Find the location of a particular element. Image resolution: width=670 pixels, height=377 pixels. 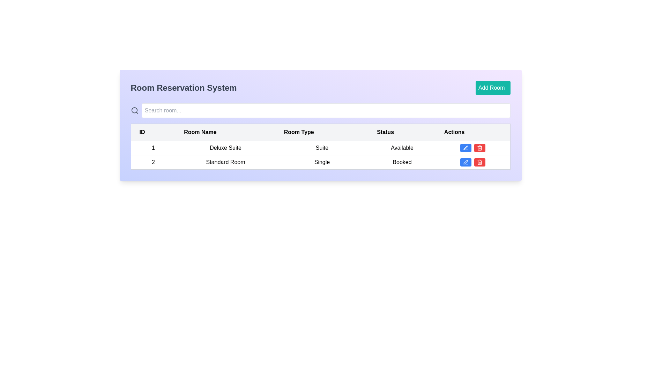

the button to add a new room, located in the upper-right section of the main interface, adjacent to the 'Room Reservation System' title is located at coordinates (492, 87).